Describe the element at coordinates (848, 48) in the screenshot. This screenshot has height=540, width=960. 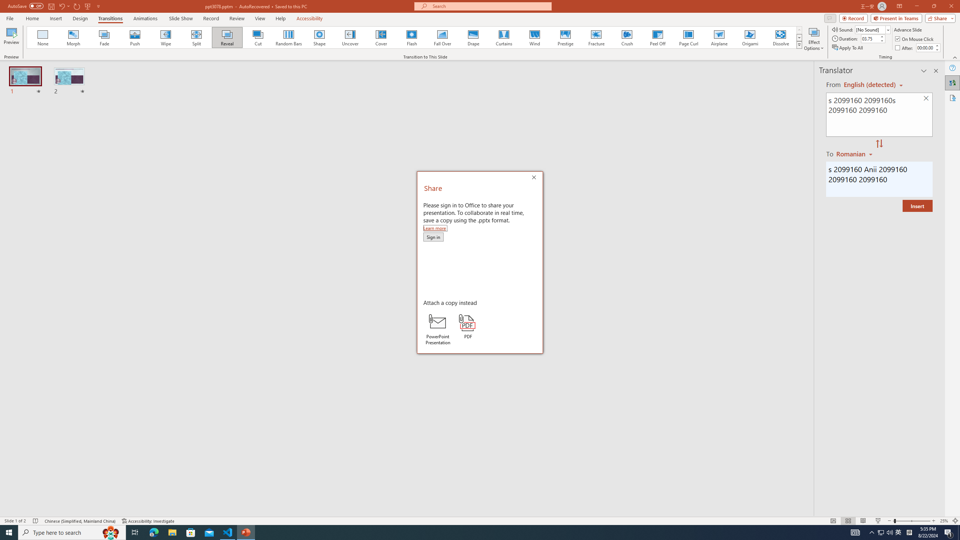
I see `'Apply To All'` at that location.